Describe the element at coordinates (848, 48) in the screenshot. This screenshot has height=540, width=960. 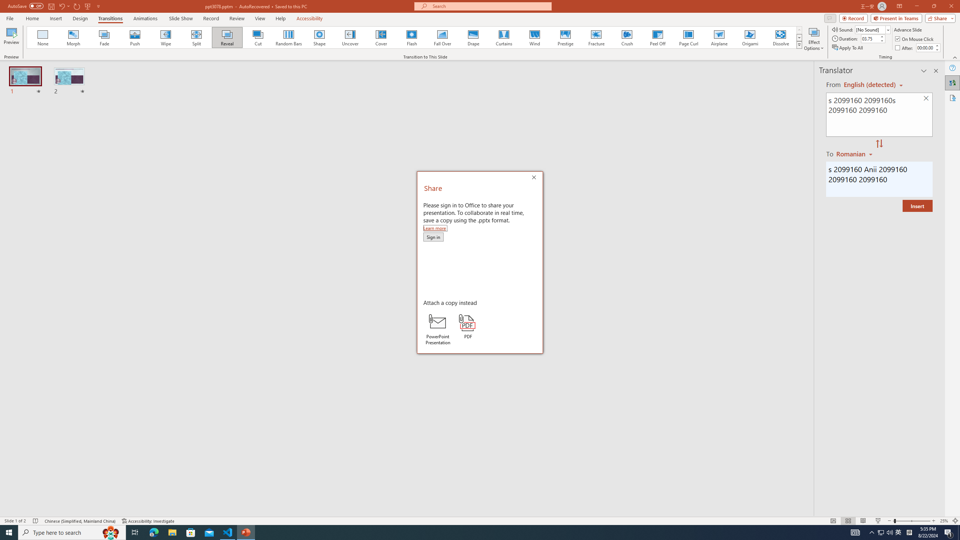
I see `'Apply To All'` at that location.